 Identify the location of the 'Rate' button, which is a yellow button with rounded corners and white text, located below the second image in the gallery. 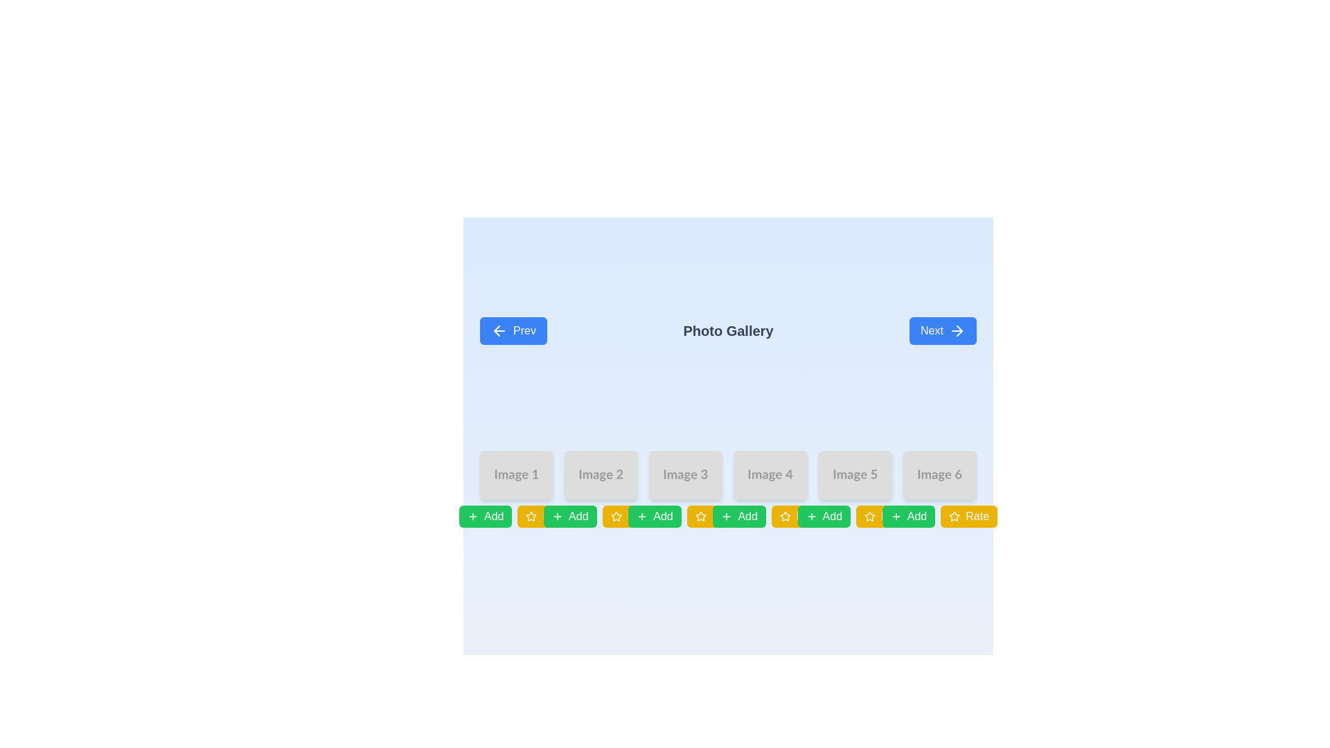
(601, 516).